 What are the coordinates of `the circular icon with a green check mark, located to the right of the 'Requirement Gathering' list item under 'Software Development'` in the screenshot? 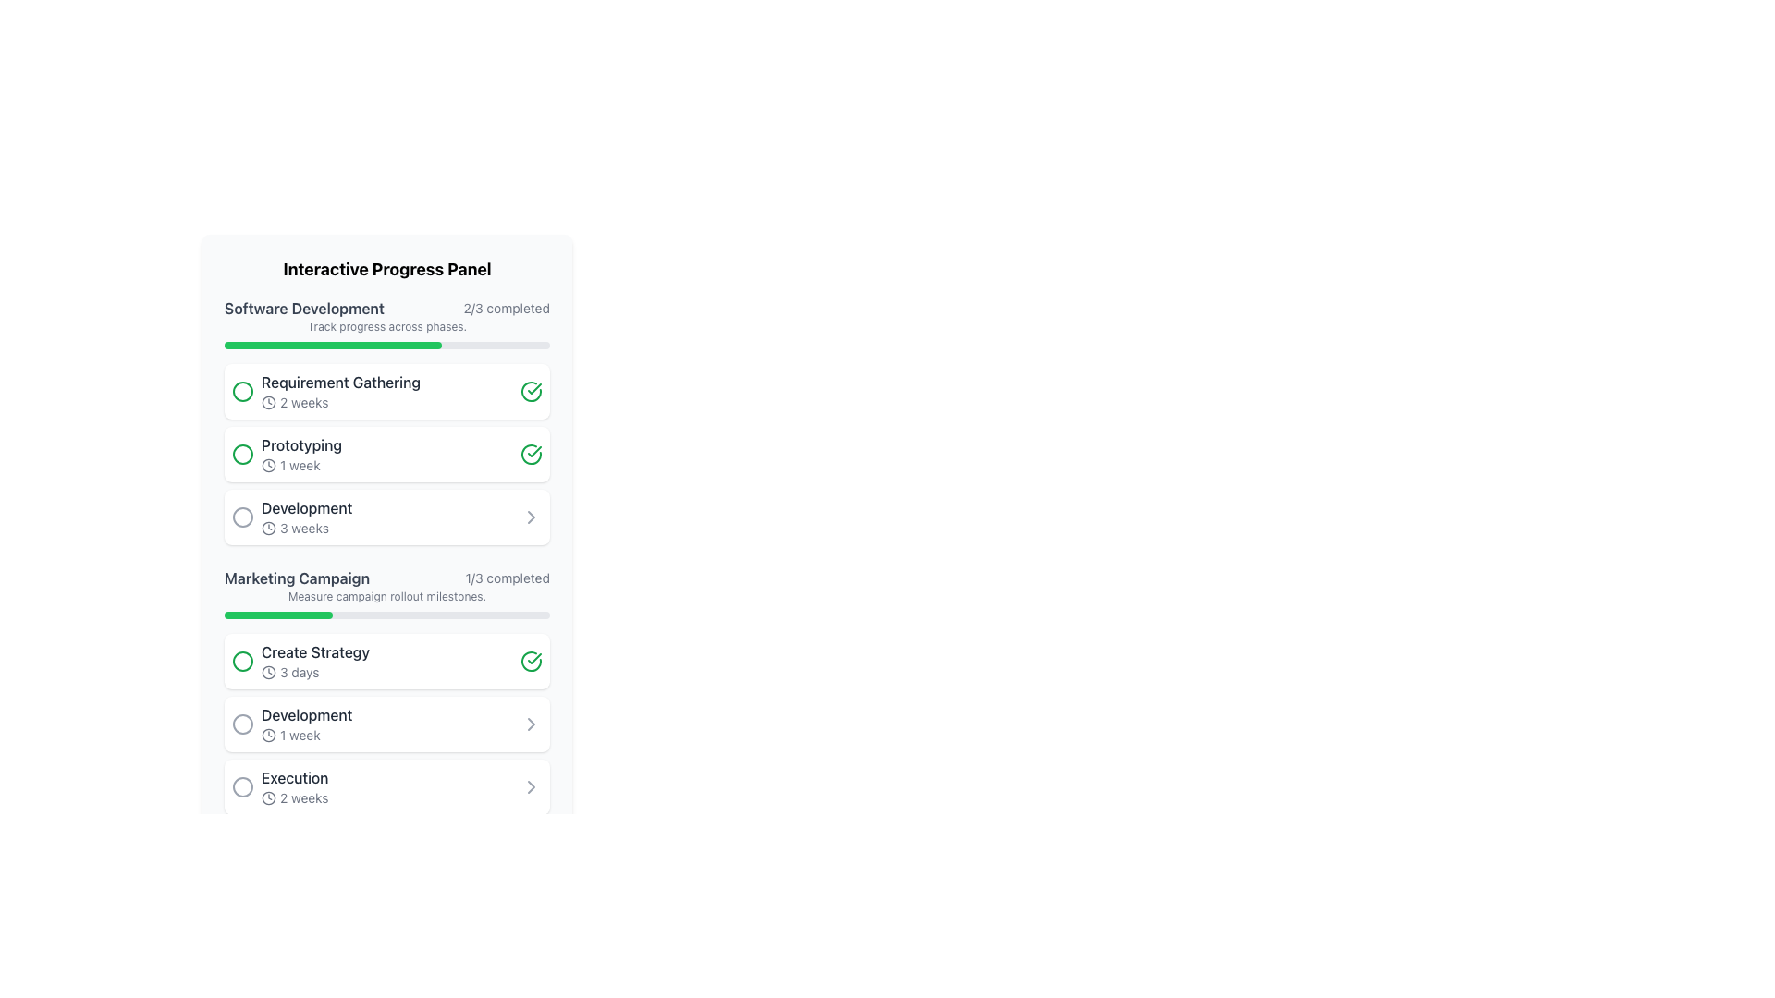 It's located at (531, 391).